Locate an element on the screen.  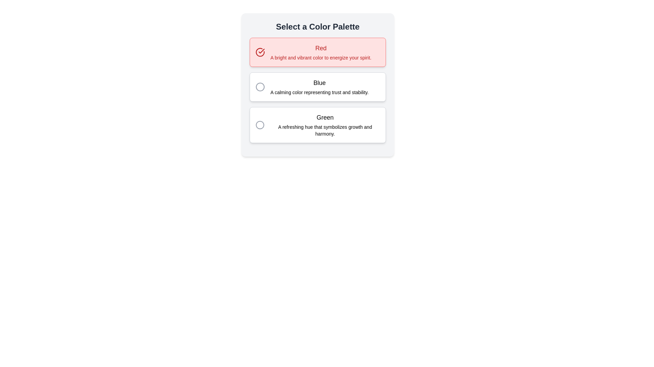
informative text located underneath the title 'Blue' in the second option of the vertical selection menu is located at coordinates (319, 92).